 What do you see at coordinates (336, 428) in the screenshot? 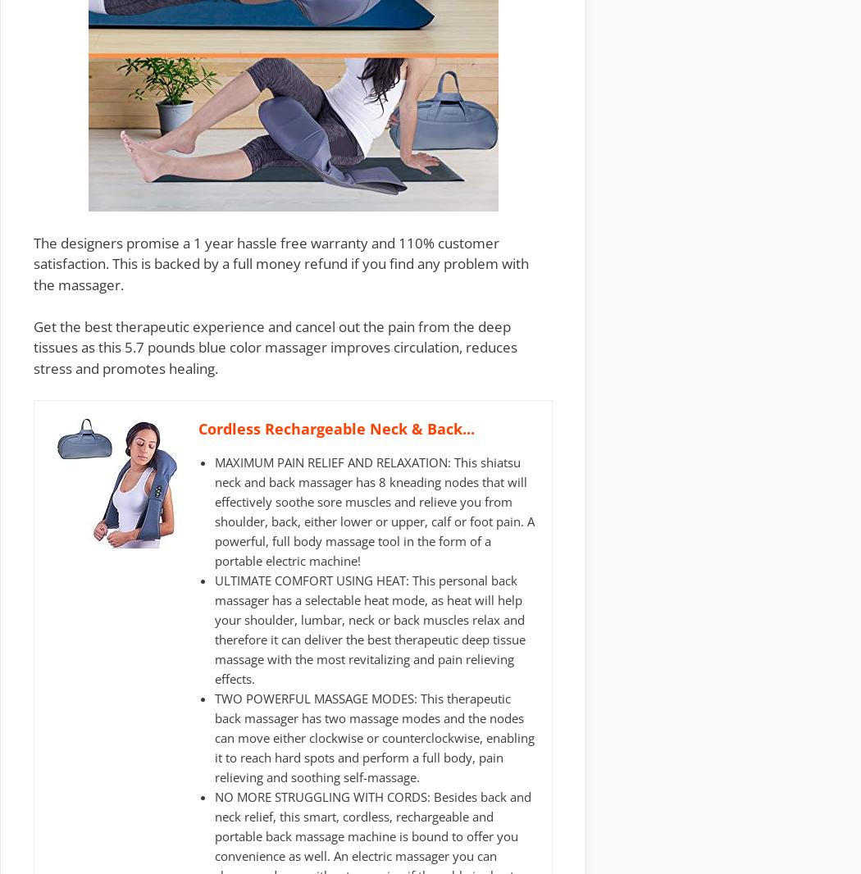
I see `'Cordless Rechargeable Neck & Back...'` at bounding box center [336, 428].